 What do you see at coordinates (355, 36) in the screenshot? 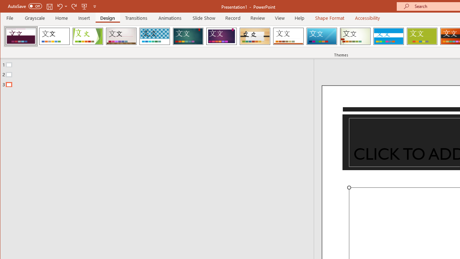
I see `'Wisp'` at bounding box center [355, 36].